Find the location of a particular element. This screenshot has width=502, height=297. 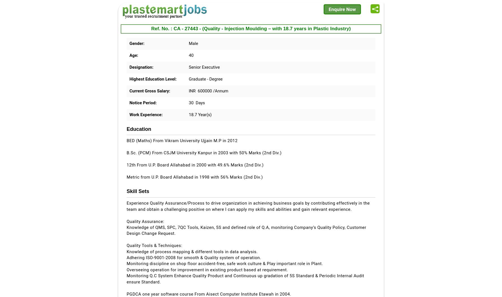

'Metric from U.P. Board Allahabad in 1998 with 56% Marks (2nd Div.)' is located at coordinates (194, 177).